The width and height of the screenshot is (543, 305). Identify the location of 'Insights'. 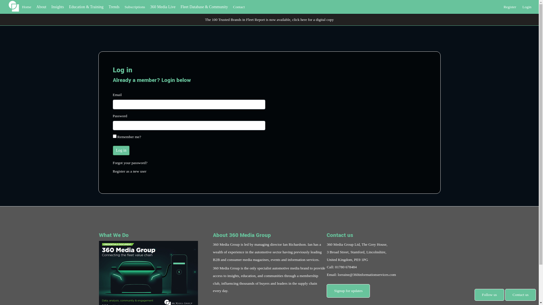
(57, 7).